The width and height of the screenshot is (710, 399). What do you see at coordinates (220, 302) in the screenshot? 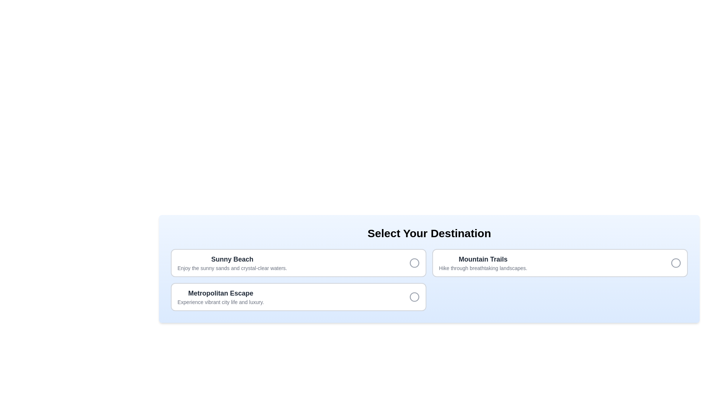
I see `text that says 'Experience vibrant city life and luxury.' located below the heading 'Metropolitan Escape' in the lower section of the selection card` at bounding box center [220, 302].